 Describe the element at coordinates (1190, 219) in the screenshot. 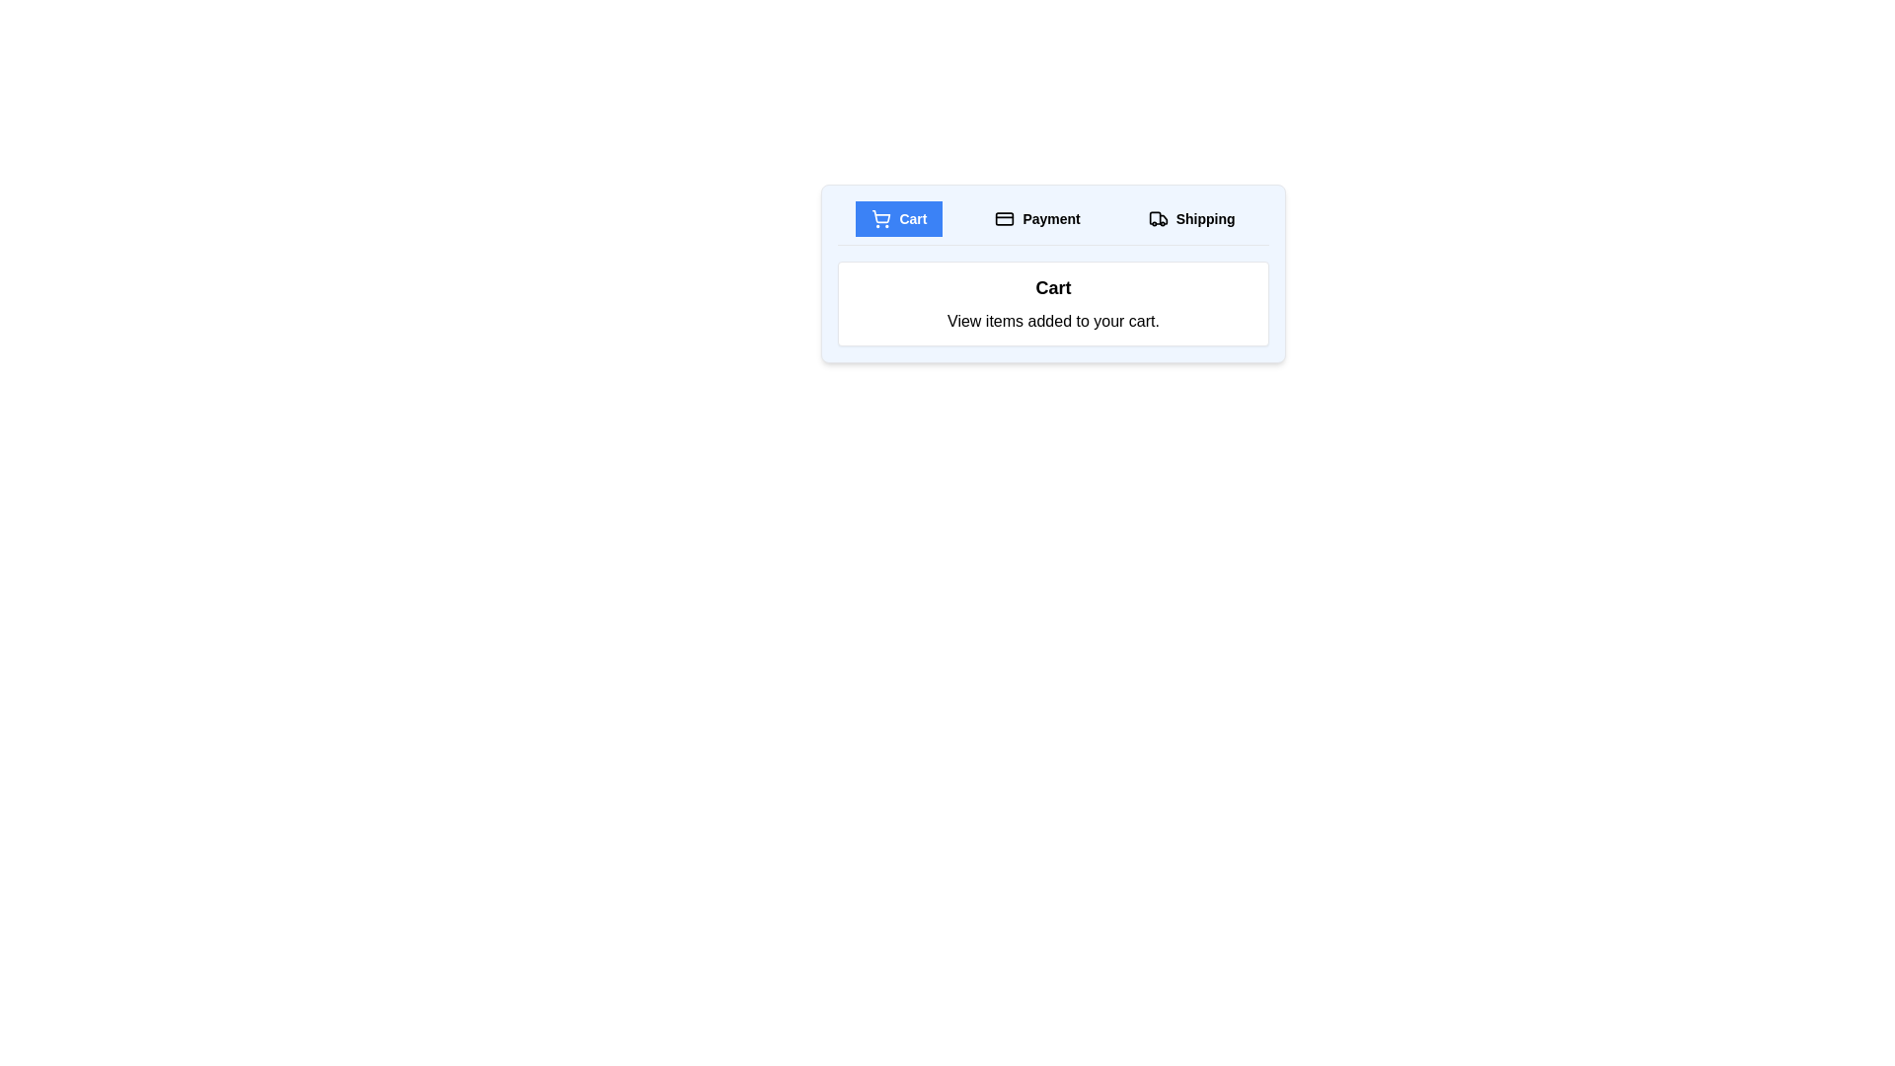

I see `the Shipping tab to switch to its content` at that location.